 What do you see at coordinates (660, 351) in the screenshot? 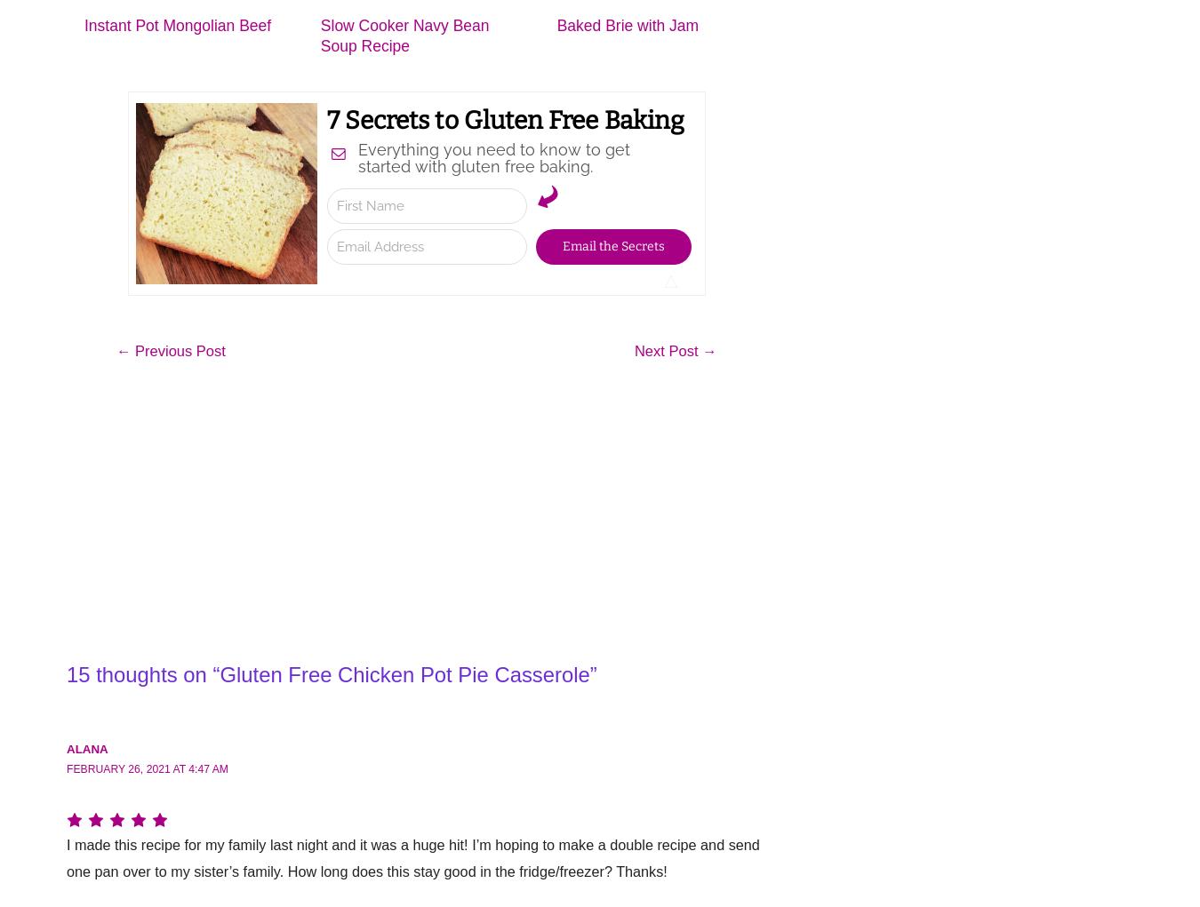
I see `'Next Post'` at bounding box center [660, 351].